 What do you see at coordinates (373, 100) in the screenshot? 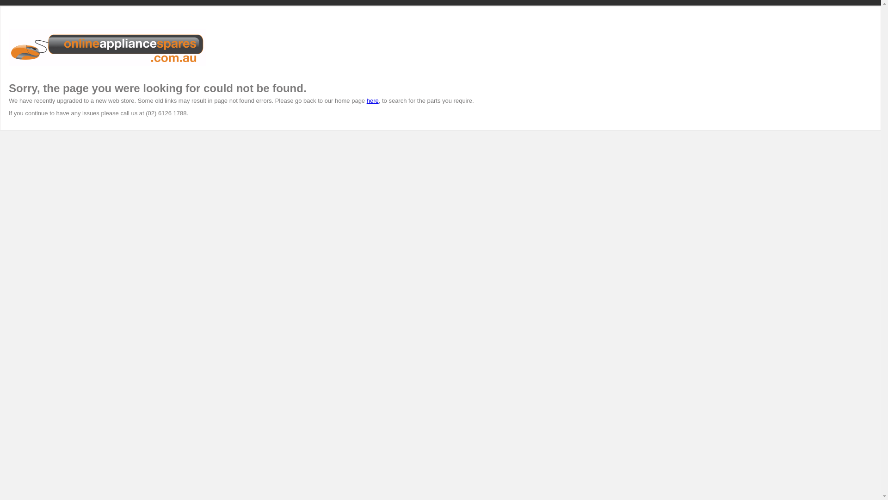
I see `'here'` at bounding box center [373, 100].